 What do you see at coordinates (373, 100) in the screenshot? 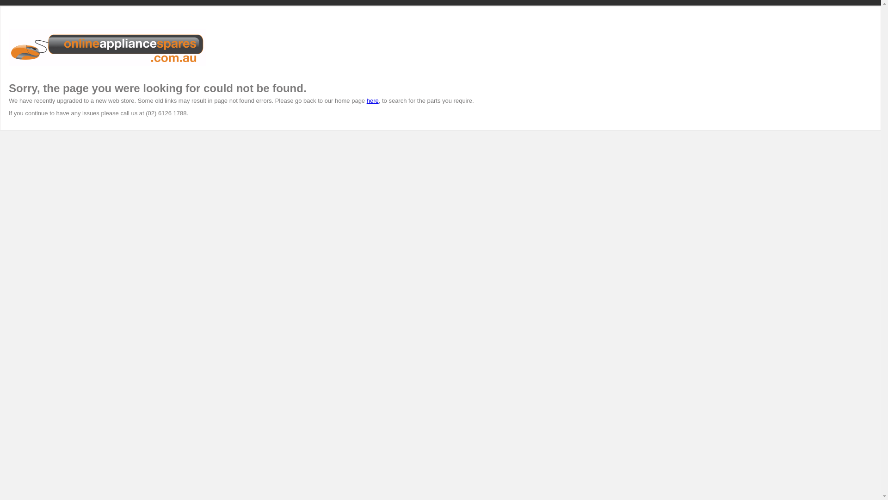
I see `'here'` at bounding box center [373, 100].